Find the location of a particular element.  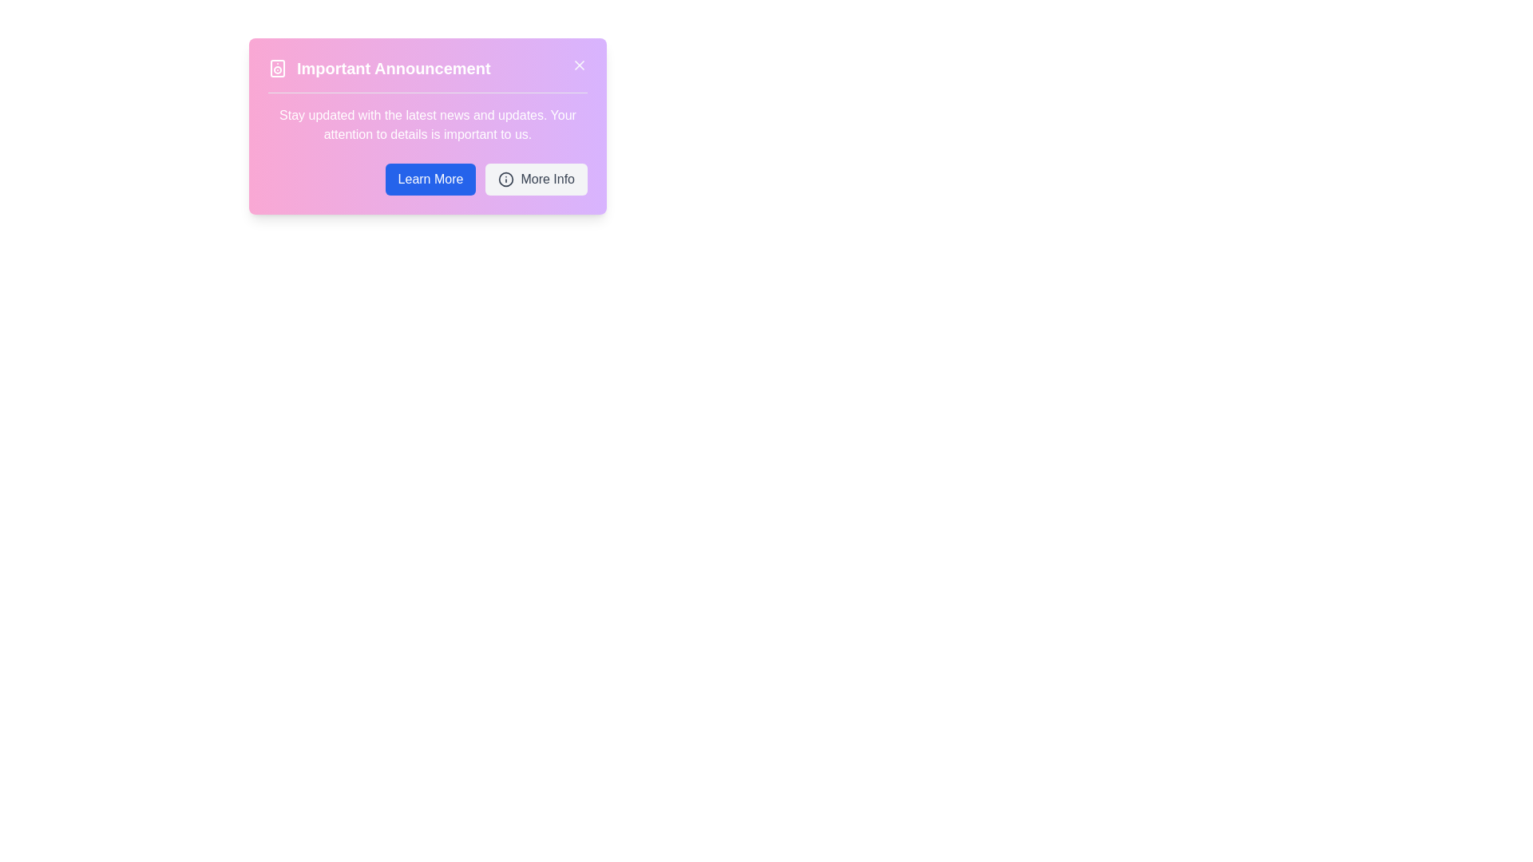

the 'Important Announcement' text label with a speaker icon for accessibility is located at coordinates (378, 67).